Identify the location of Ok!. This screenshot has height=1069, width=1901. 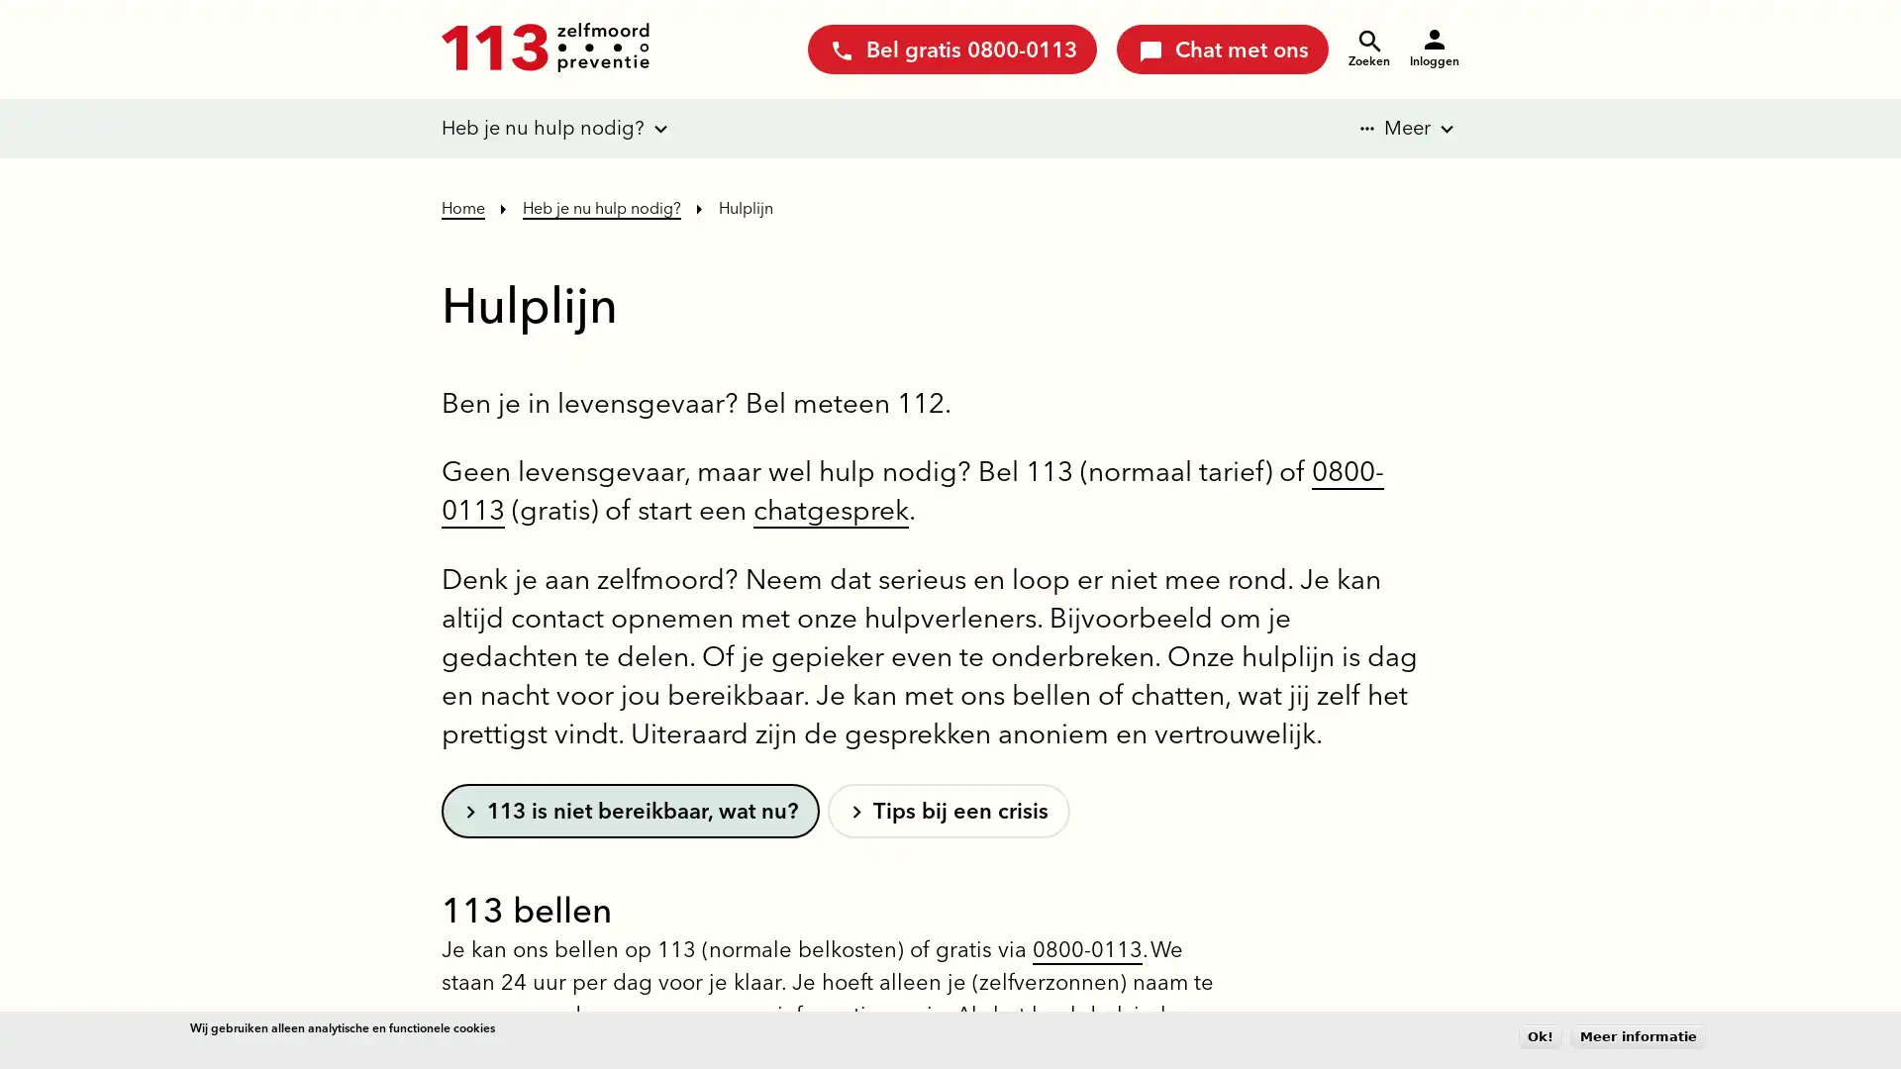
(1539, 1035).